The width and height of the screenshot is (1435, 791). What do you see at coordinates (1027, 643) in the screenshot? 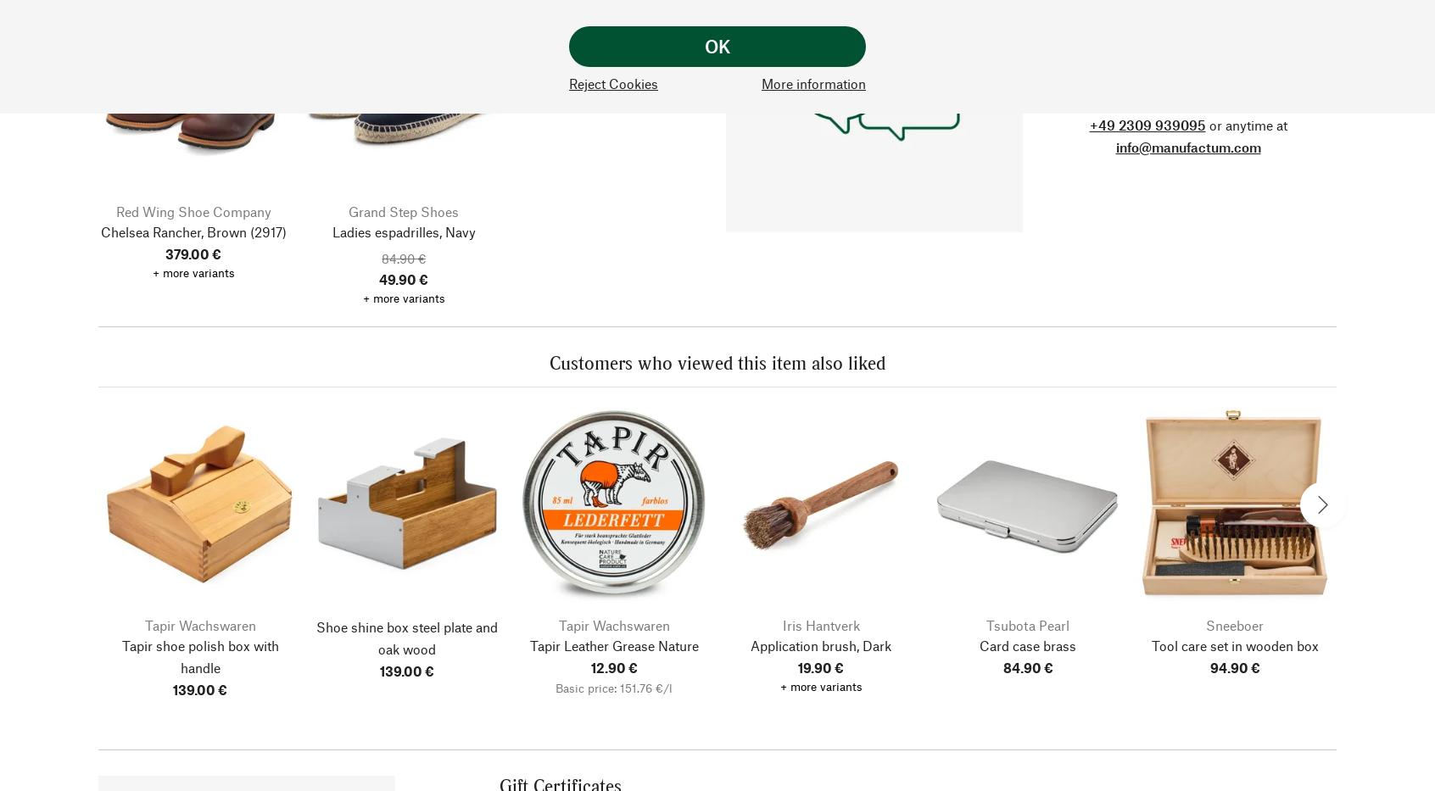
I see `'Card case brass'` at bounding box center [1027, 643].